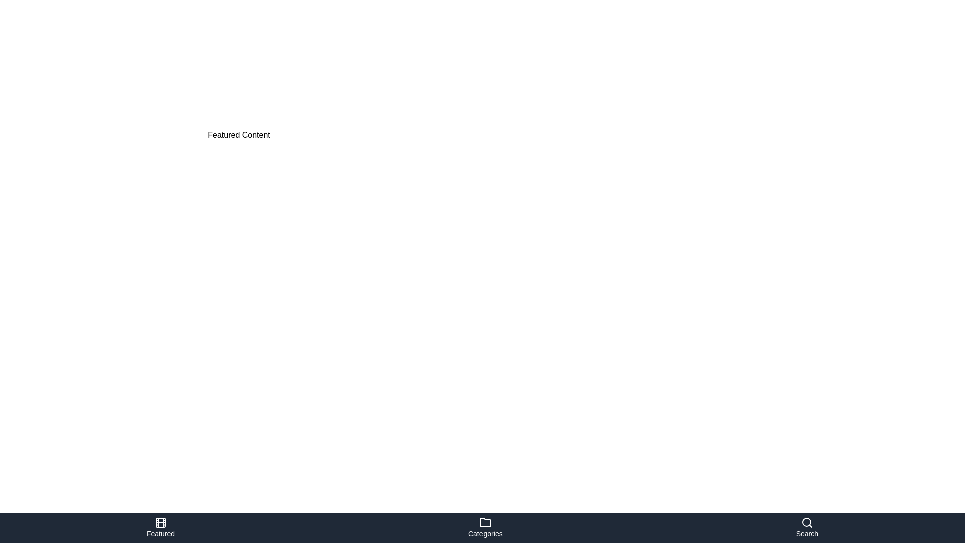 This screenshot has height=543, width=965. I want to click on the folder icon with a light-colored outline located in the 'Categories' section of the bottom navigation bar, positioned above the text label 'Categories', so click(485, 522).